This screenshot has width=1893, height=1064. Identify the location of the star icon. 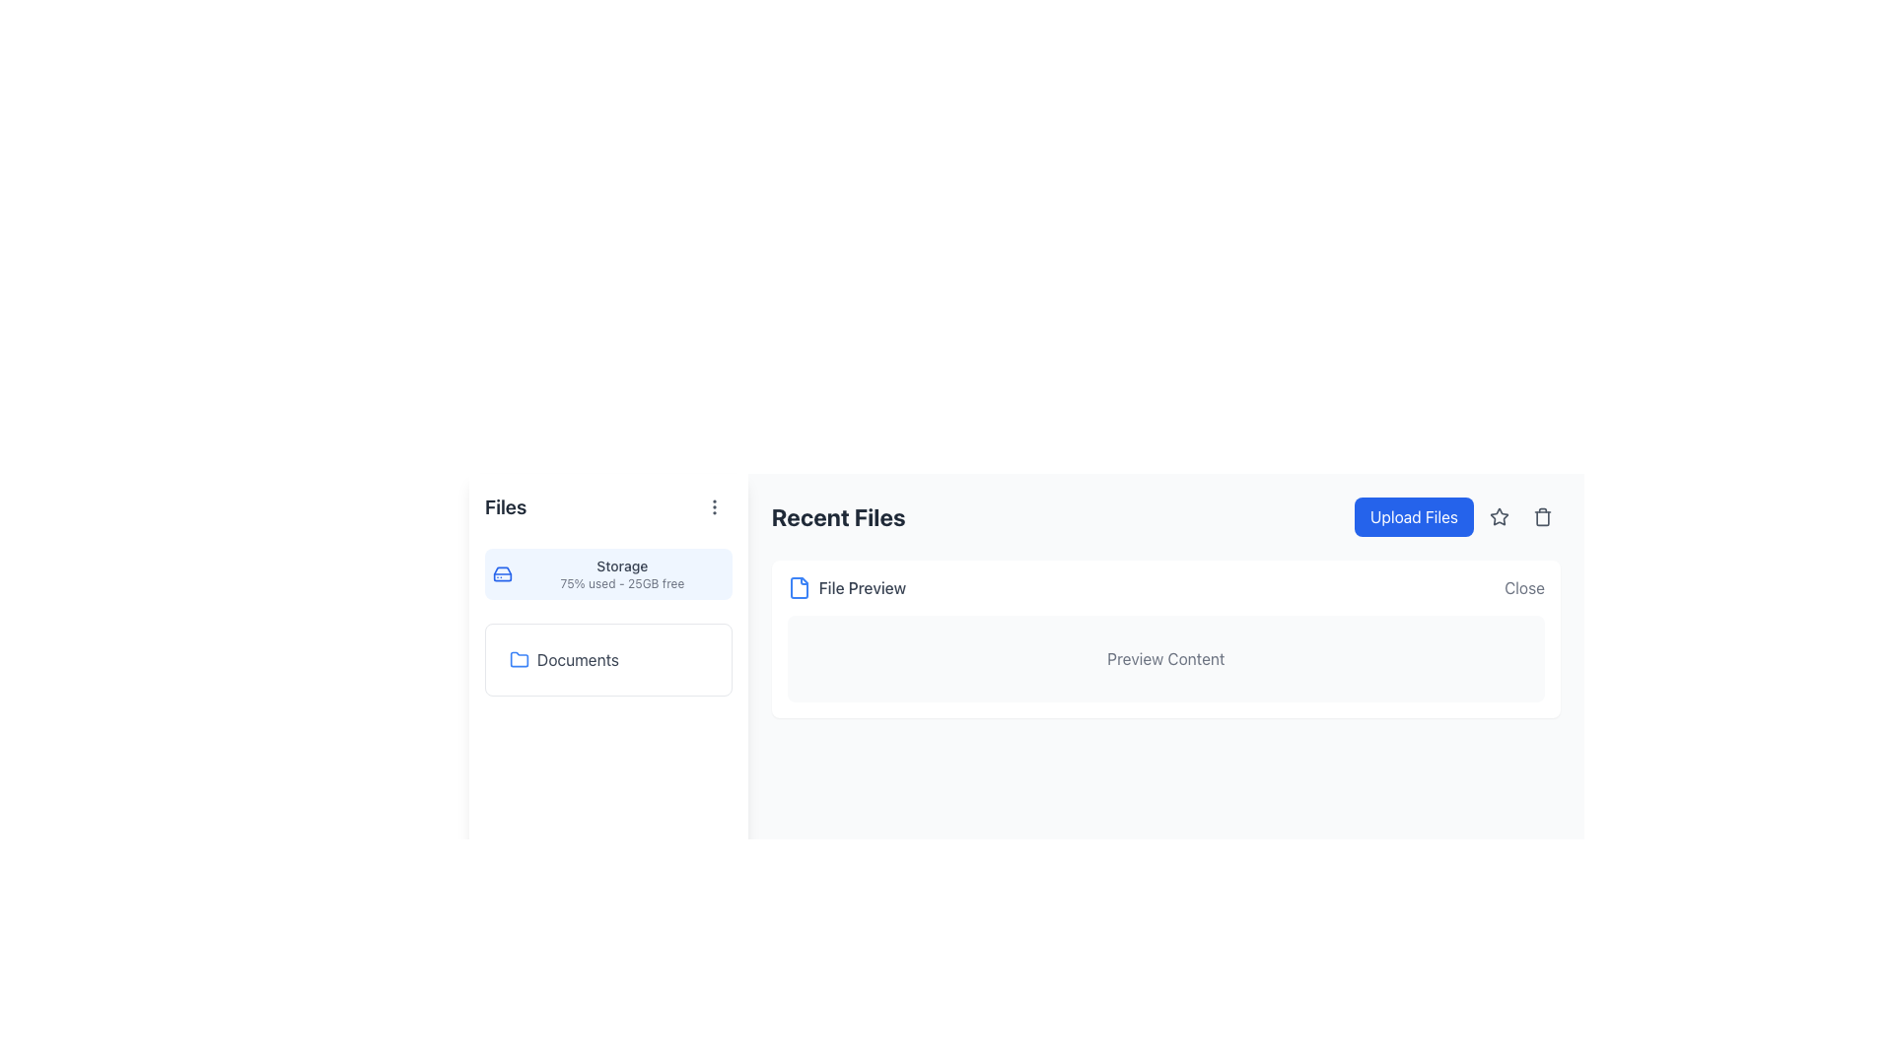
(1499, 515).